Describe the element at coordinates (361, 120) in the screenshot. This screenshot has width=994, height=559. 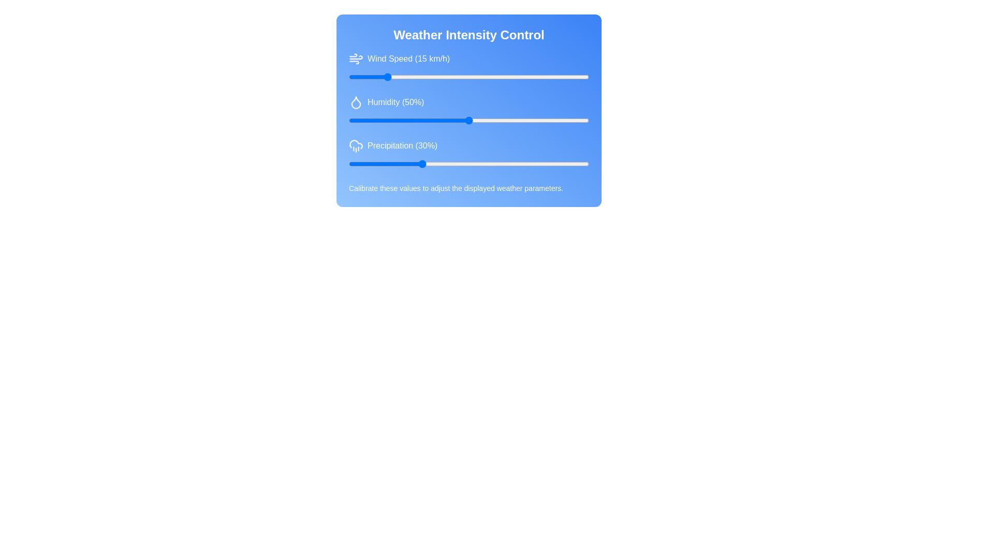
I see `the humidity` at that location.